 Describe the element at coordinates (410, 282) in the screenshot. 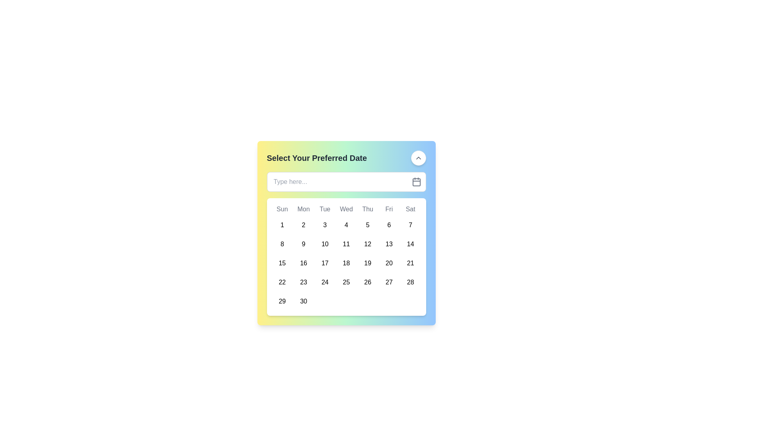

I see `the circular button with a white background and the text '28' centered inside it` at that location.